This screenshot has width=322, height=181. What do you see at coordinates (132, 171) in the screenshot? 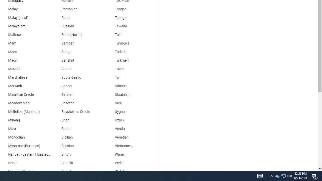
I see `'Wolof'` at bounding box center [132, 171].